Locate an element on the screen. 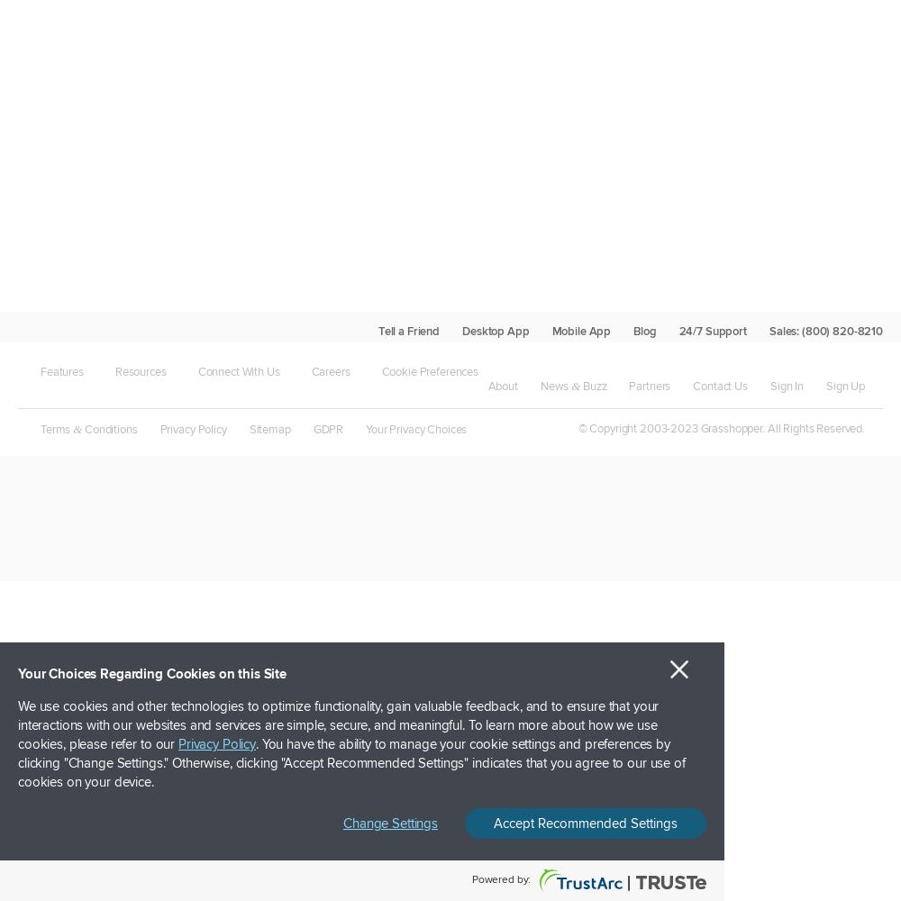 The image size is (901, 901). 'GDPR' is located at coordinates (327, 429).